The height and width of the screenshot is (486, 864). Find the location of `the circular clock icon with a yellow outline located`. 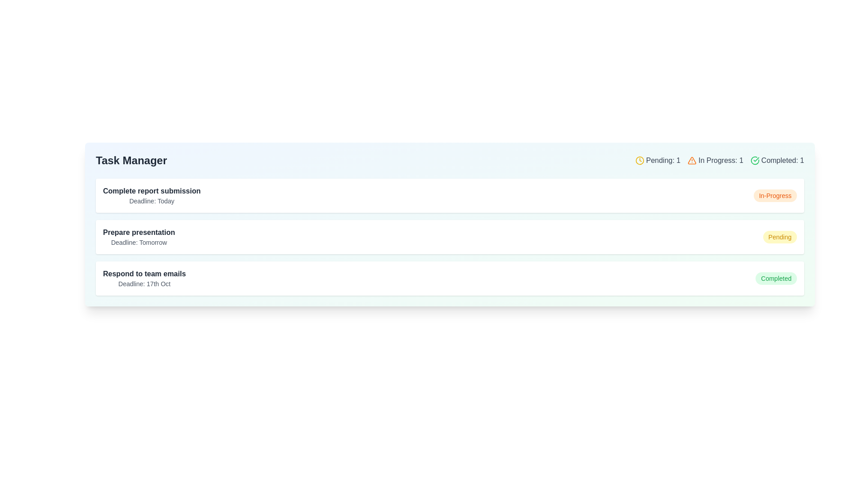

the circular clock icon with a yellow outline located is located at coordinates (639, 160).